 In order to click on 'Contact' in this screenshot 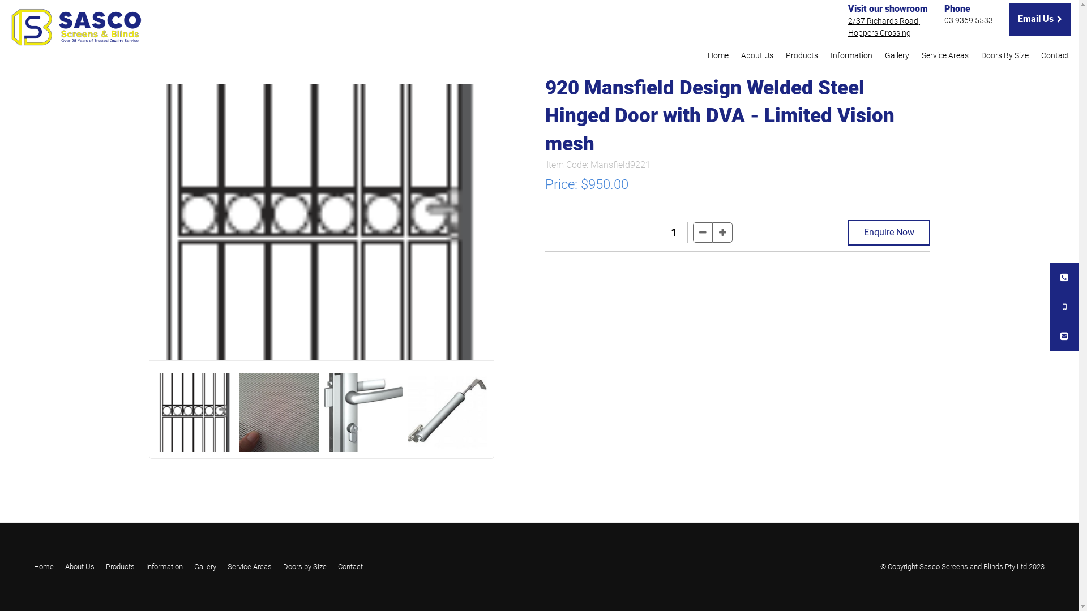, I will do `click(1035, 55)`.